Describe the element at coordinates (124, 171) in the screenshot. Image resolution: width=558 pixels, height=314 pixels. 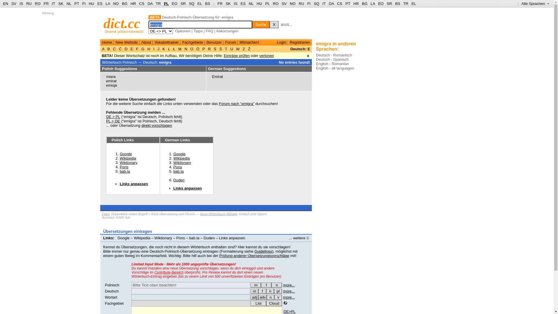
I see `'bab.la'` at that location.